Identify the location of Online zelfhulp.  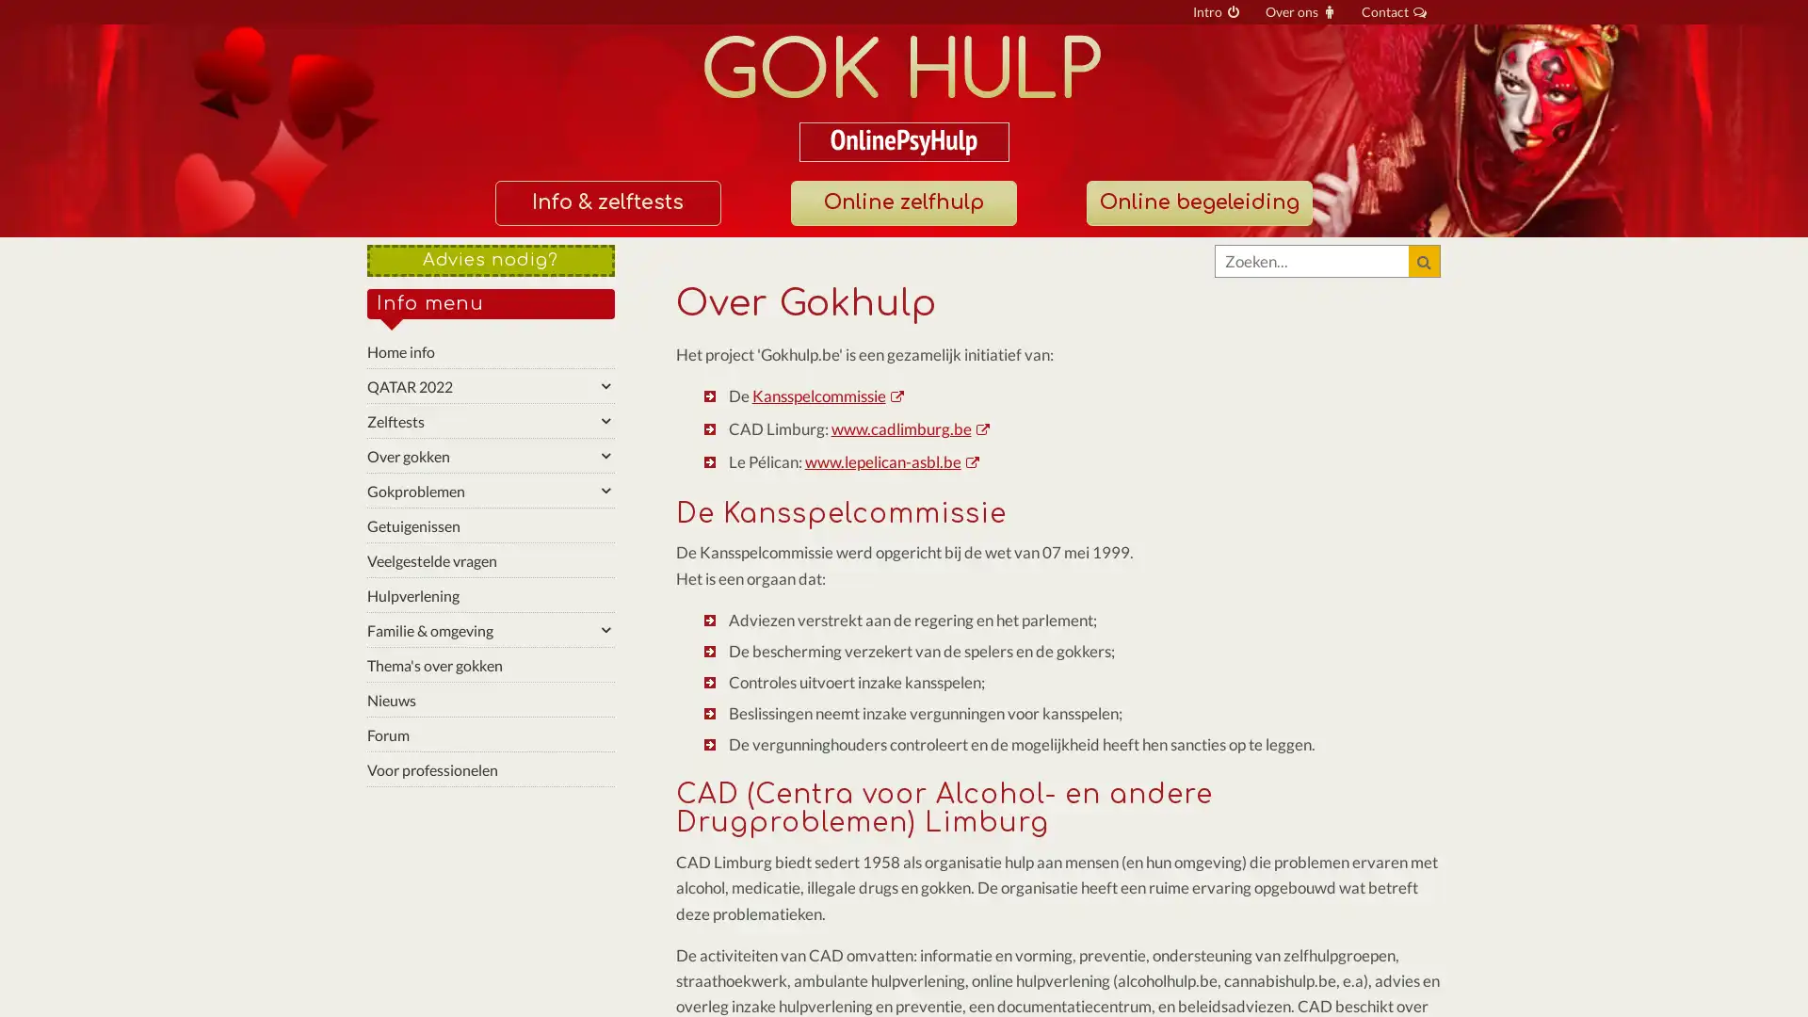
(902, 202).